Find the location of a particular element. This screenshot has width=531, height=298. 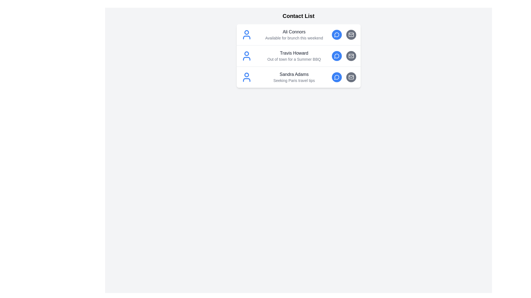

the List Item titled 'Travis Howard' which includes a blue user icon and messaging/email buttons, positioned as the second item in a vertical list is located at coordinates (298, 56).